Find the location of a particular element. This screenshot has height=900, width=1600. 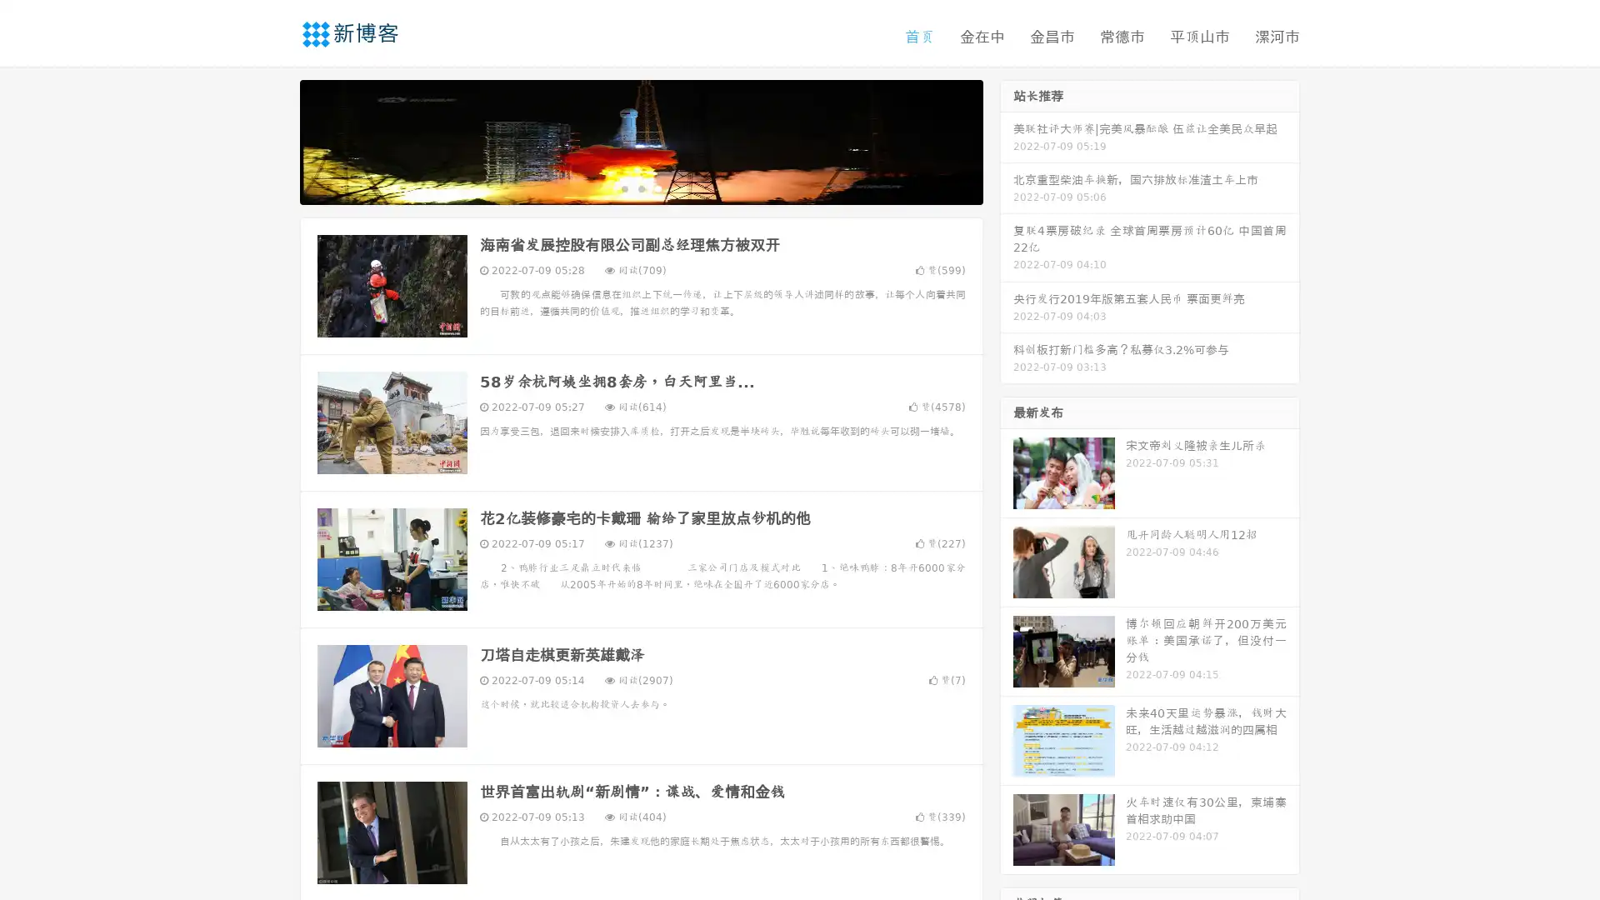

Go to slide 1 is located at coordinates (623, 187).